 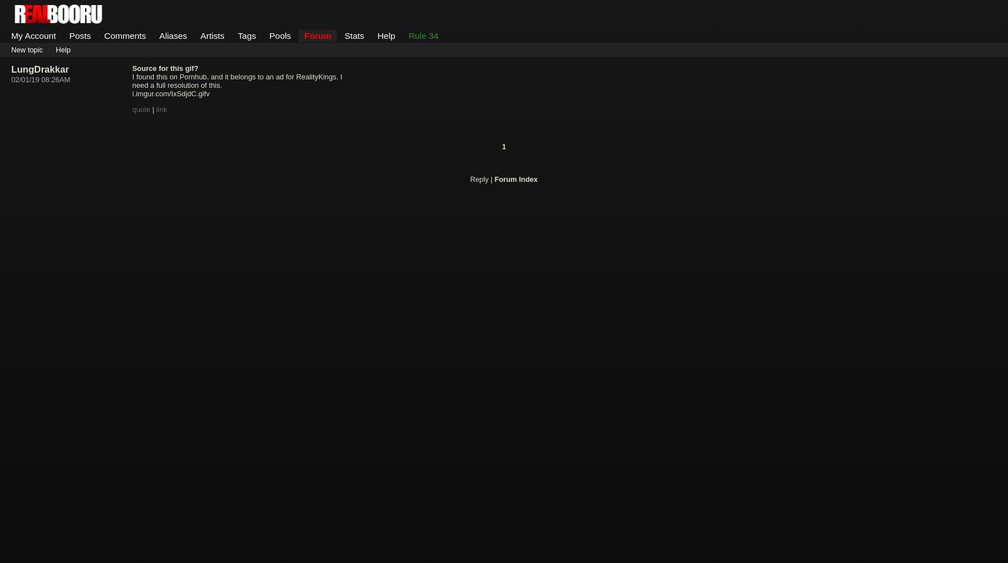 I want to click on 'Rule 34', so click(x=423, y=35).